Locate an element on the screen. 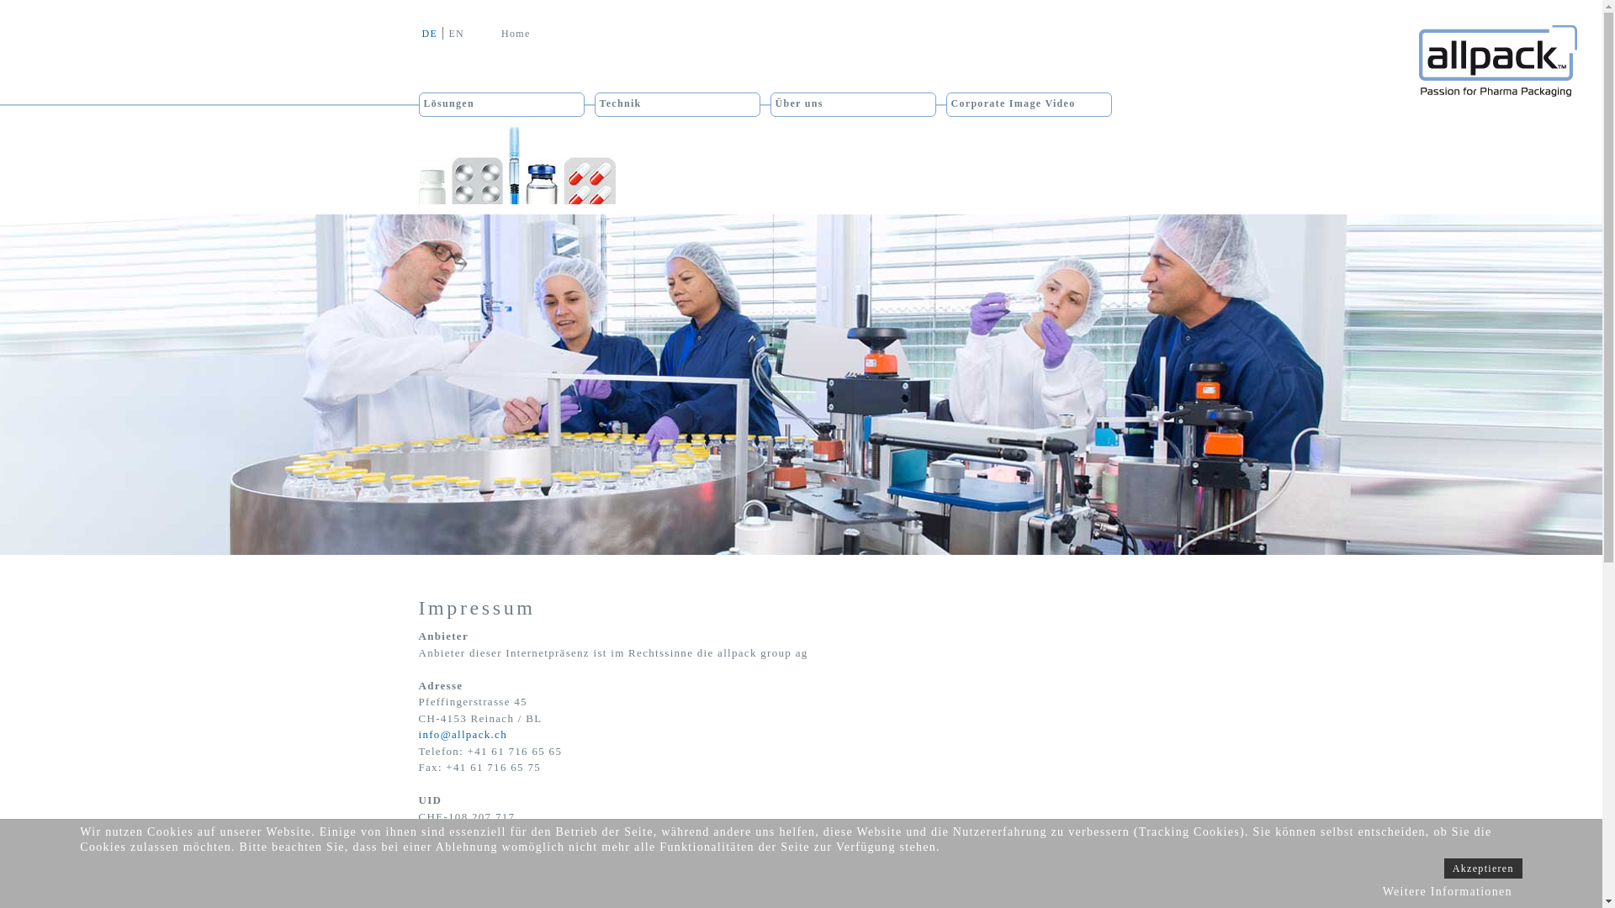 The width and height of the screenshot is (1615, 908). 'EN' is located at coordinates (456, 33).